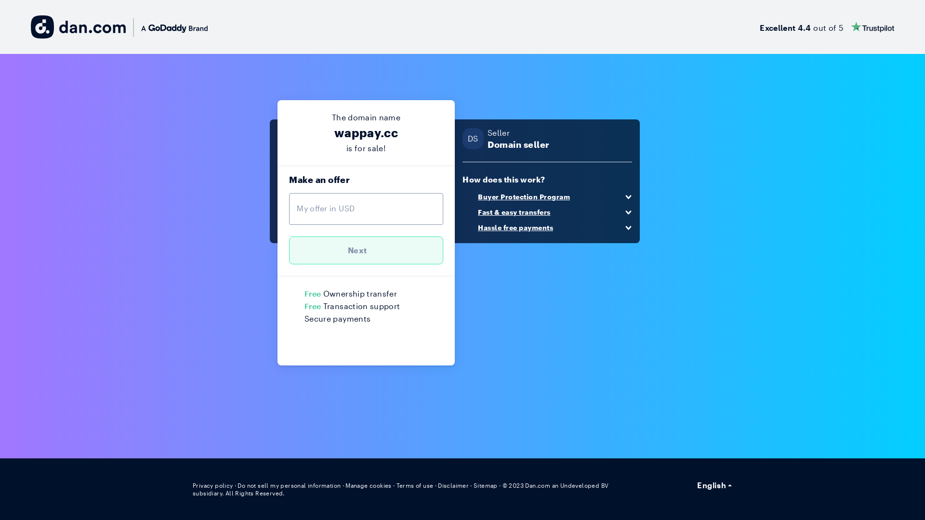  I want to click on 'Disclaimer', so click(441, 485).